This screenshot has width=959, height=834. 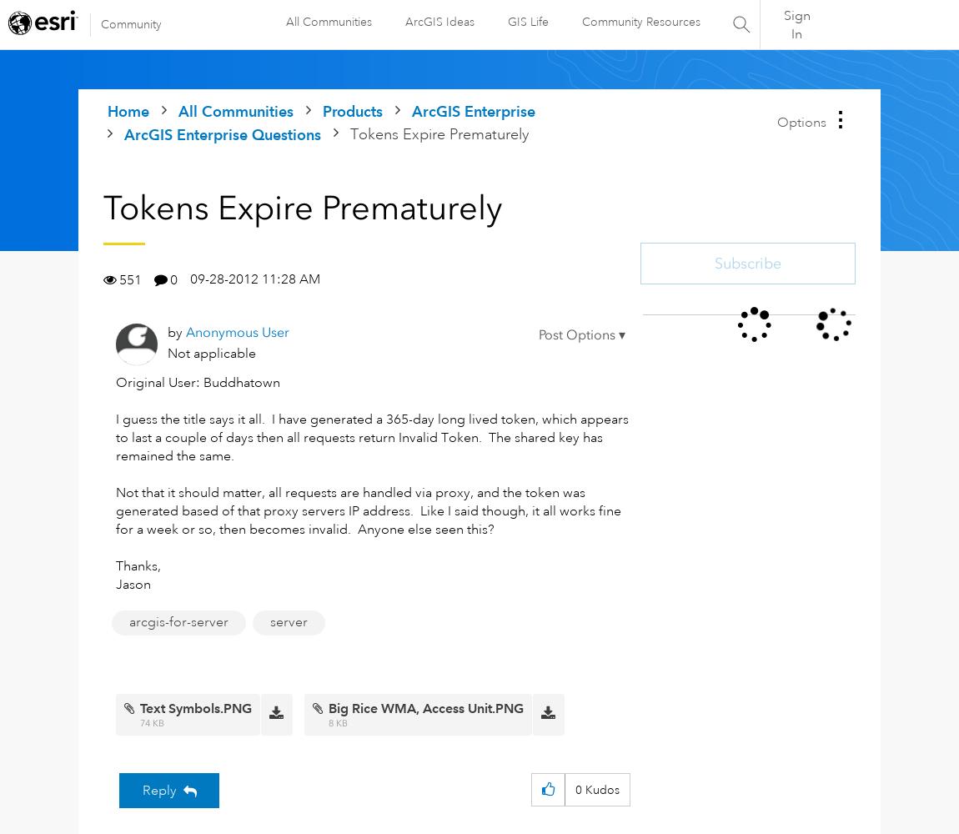 What do you see at coordinates (115, 438) in the screenshot?
I see `'I guess the title says it all.  I have generated a 365-day long lived token, which appears to last a couple of days then all requests return Invalid Token.  The shared key has remained the same.'` at bounding box center [115, 438].